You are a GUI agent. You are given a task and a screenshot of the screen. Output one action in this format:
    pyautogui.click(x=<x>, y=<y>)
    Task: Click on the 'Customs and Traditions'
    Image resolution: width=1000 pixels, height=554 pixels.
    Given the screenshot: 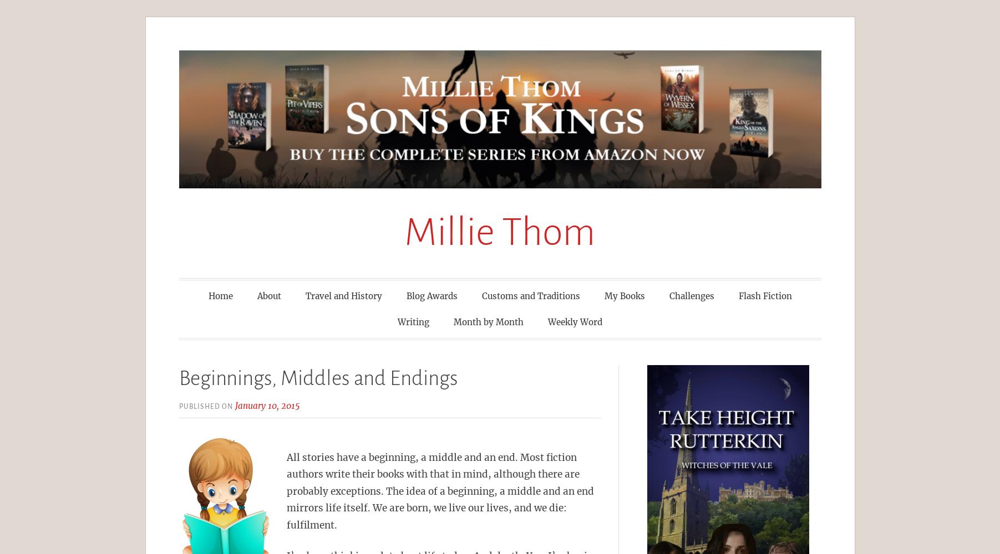 What is the action you would take?
    pyautogui.click(x=530, y=295)
    